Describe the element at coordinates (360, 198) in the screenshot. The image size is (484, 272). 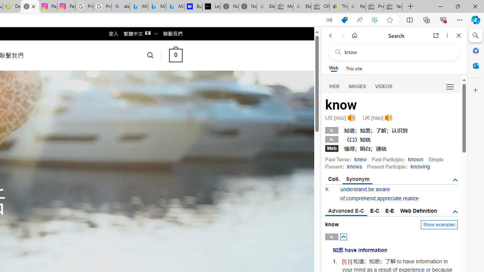
I see `'comprehend'` at that location.